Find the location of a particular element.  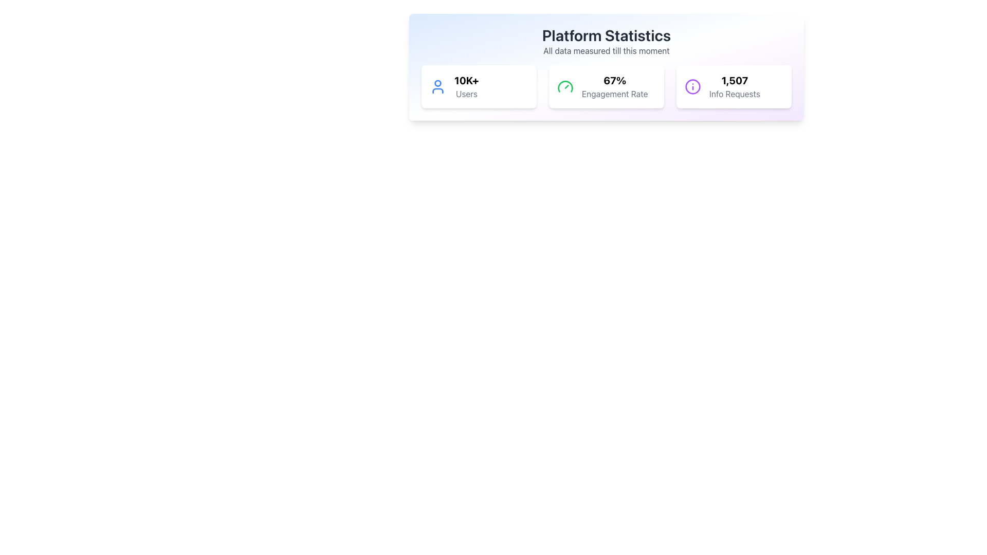

the 'Info Requests' text label element, which is styled in gray font and is positioned directly below the number '1,507' on the rightmost card of a statistics dashboard is located at coordinates (734, 94).